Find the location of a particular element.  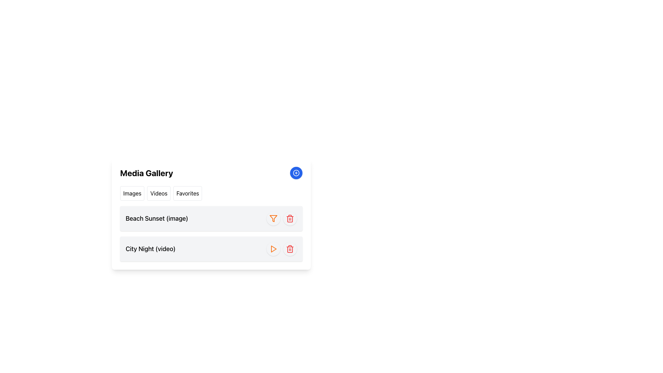

the 'Favorites' button, the third button in the media gallery section is located at coordinates (188, 193).